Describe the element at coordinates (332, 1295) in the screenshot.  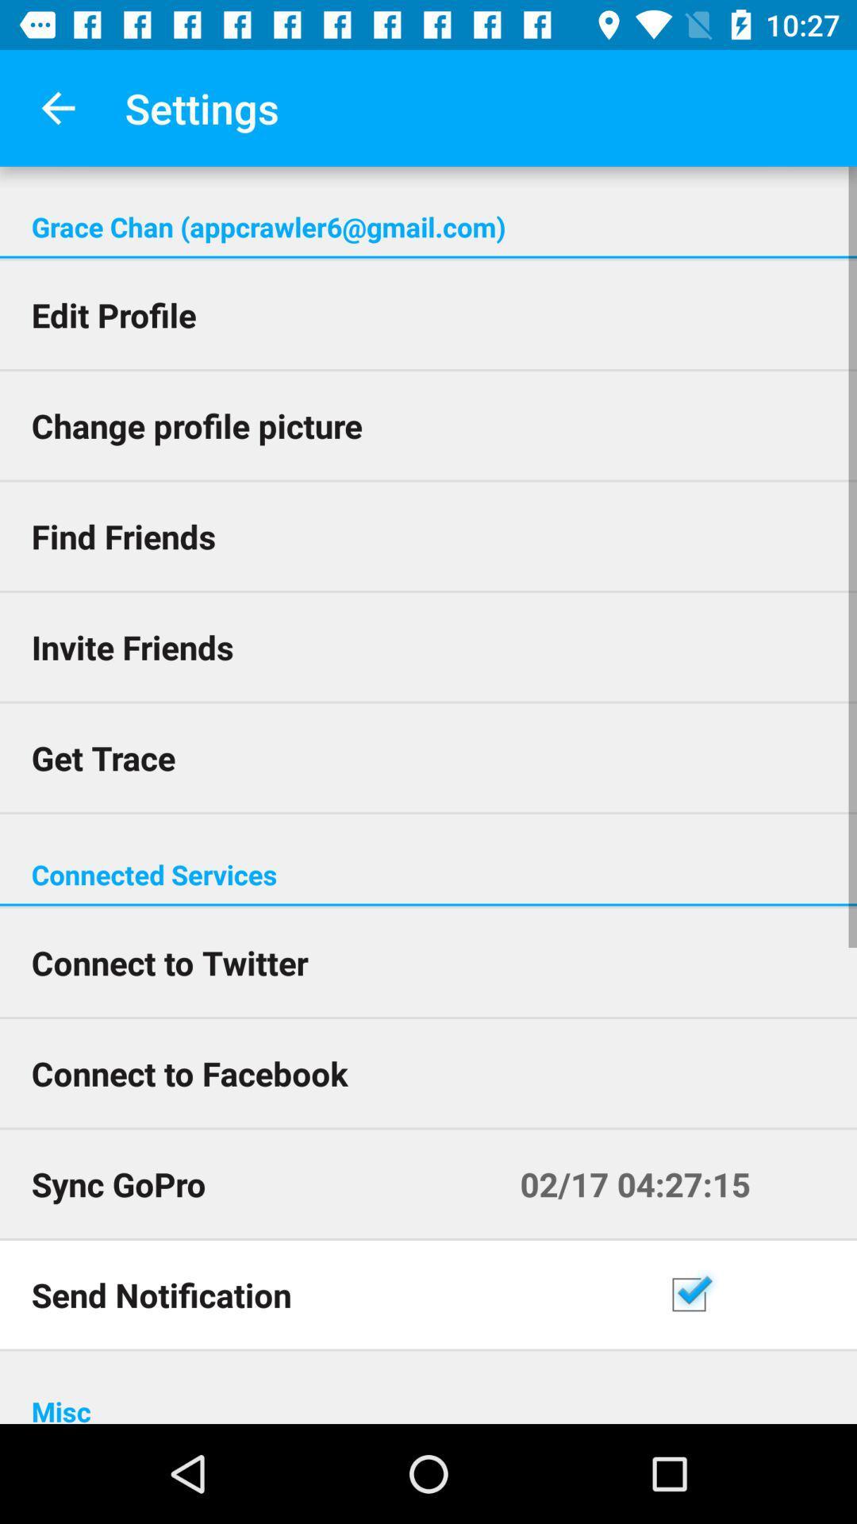
I see `the item below sync gopro icon` at that location.